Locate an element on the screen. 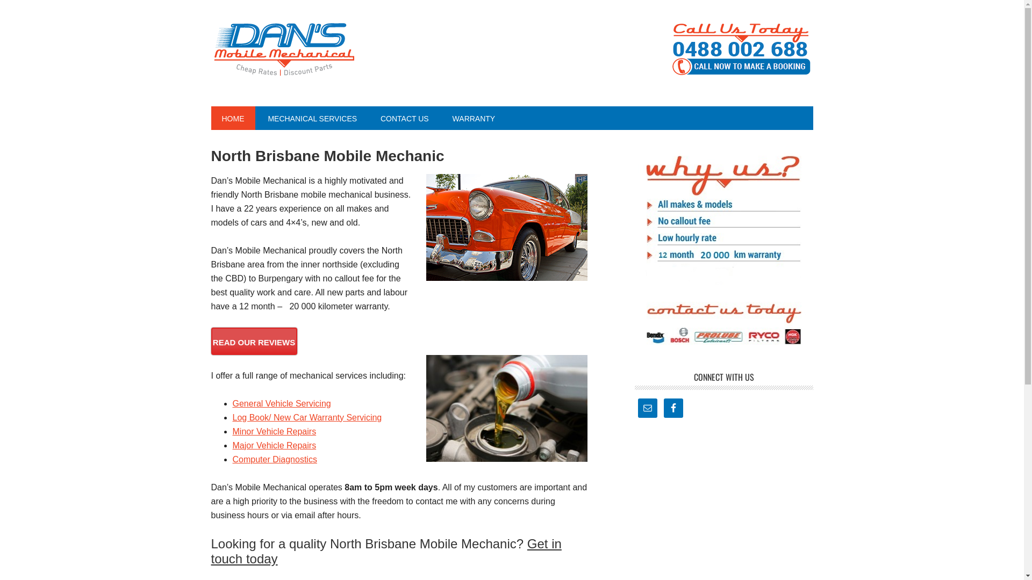 The width and height of the screenshot is (1032, 580). 'READ OUR REVIEWS' is located at coordinates (253, 341).